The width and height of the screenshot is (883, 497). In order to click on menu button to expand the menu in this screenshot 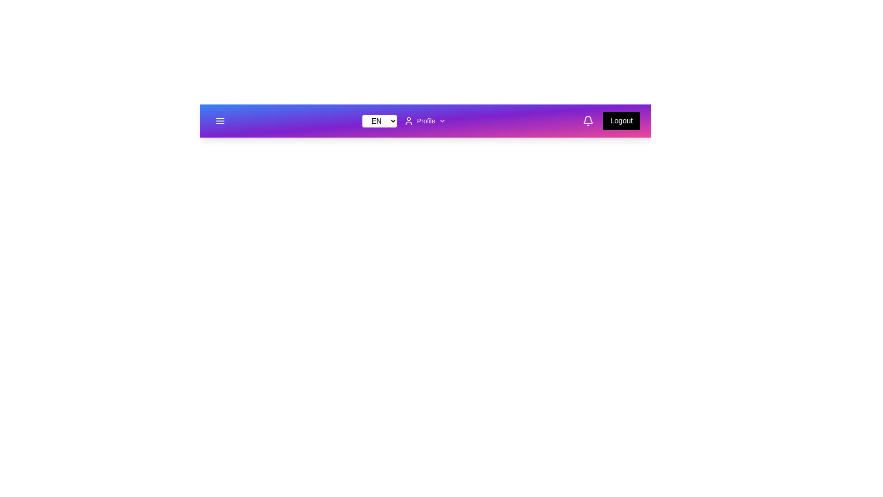, I will do `click(220, 120)`.